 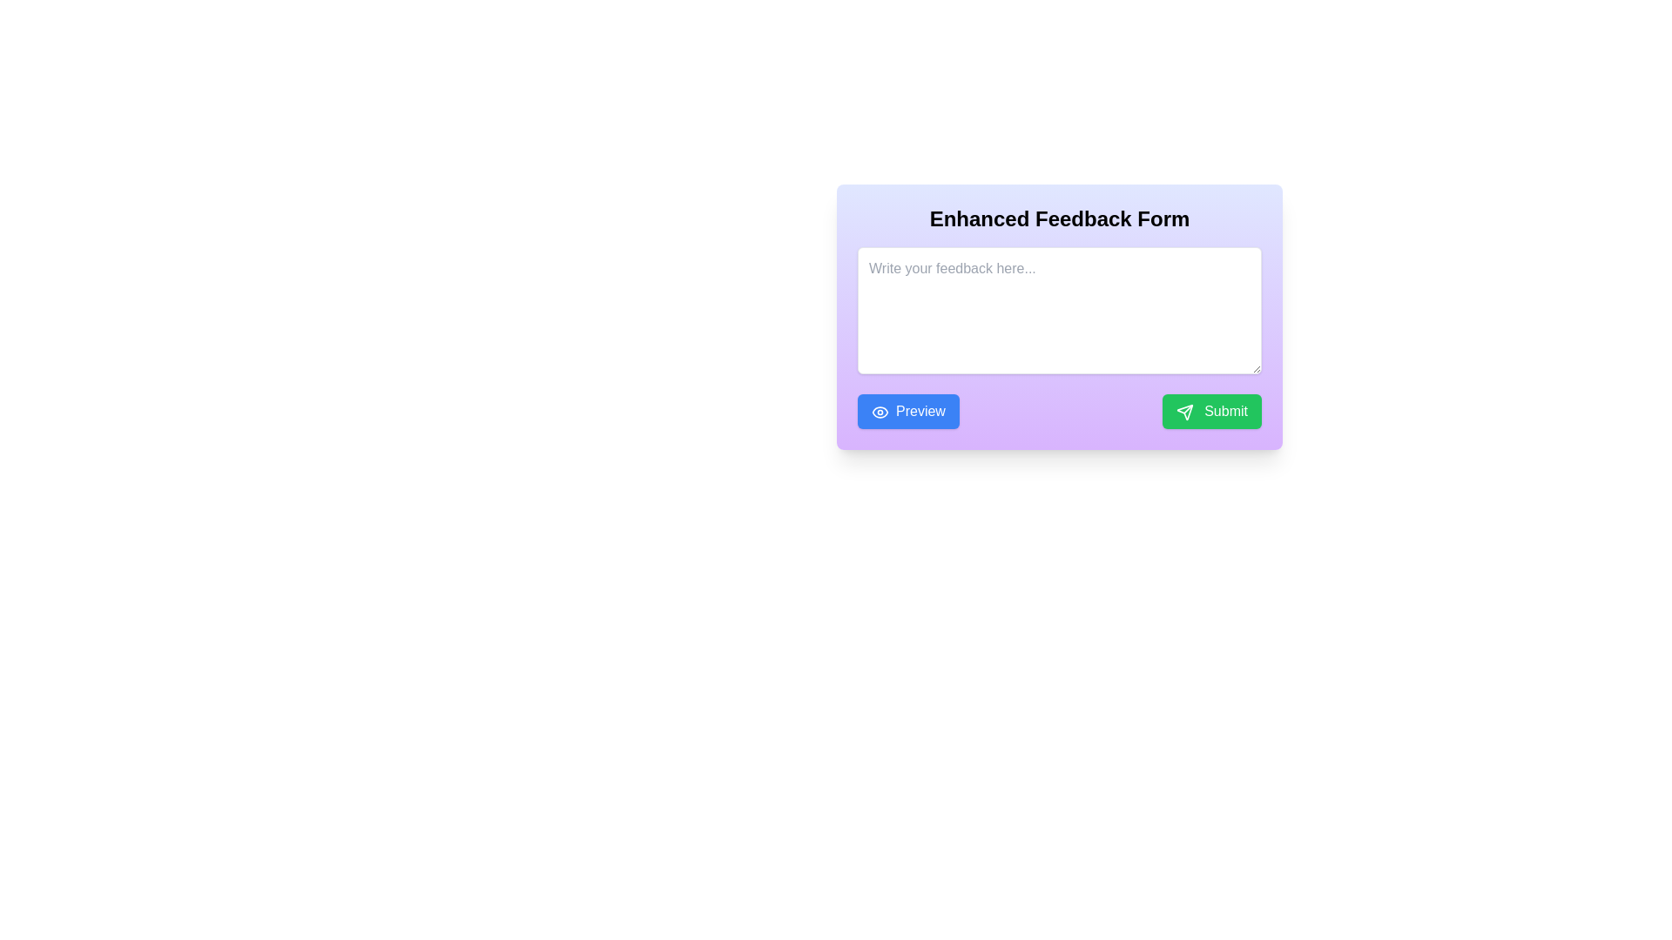 I want to click on the thin, arrow-like icon located in the top-right corner of the green 'Submit' button at the bottom-right of the form, so click(x=1184, y=412).